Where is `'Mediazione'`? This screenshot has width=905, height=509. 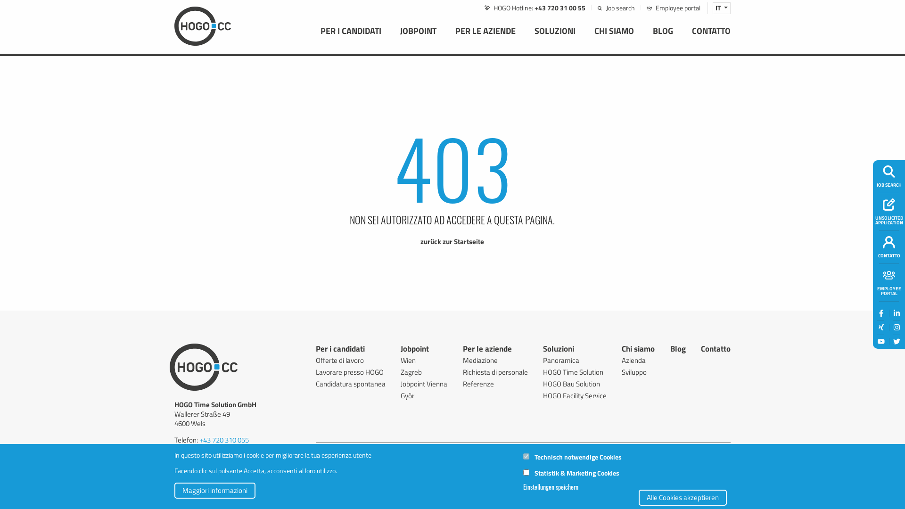
'Mediazione' is located at coordinates (495, 360).